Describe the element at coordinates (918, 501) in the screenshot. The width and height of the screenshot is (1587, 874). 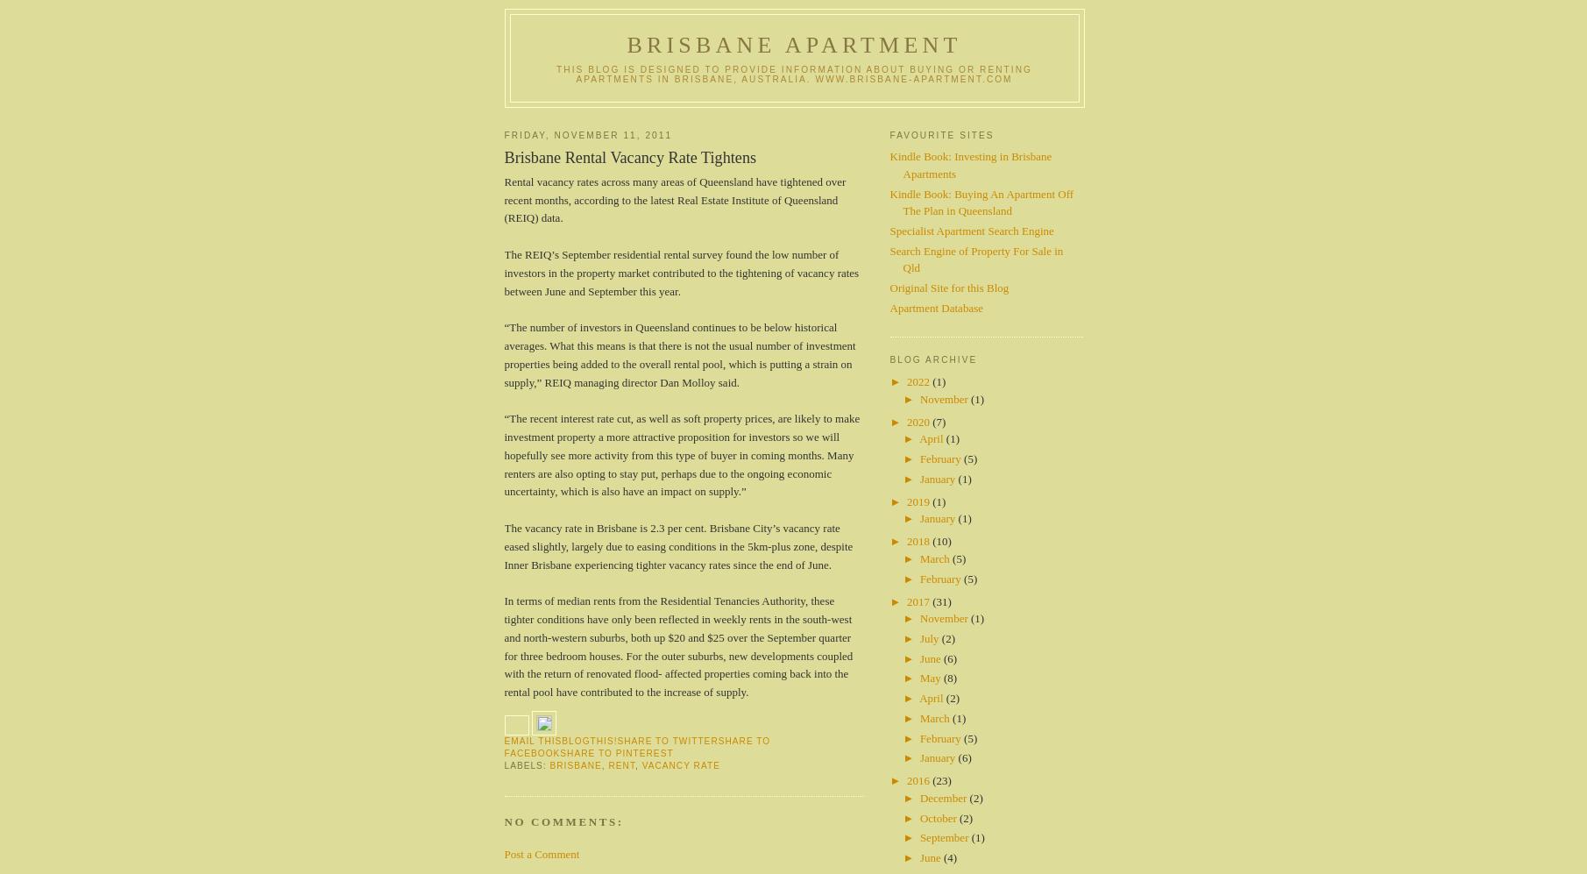
I see `'2019'` at that location.